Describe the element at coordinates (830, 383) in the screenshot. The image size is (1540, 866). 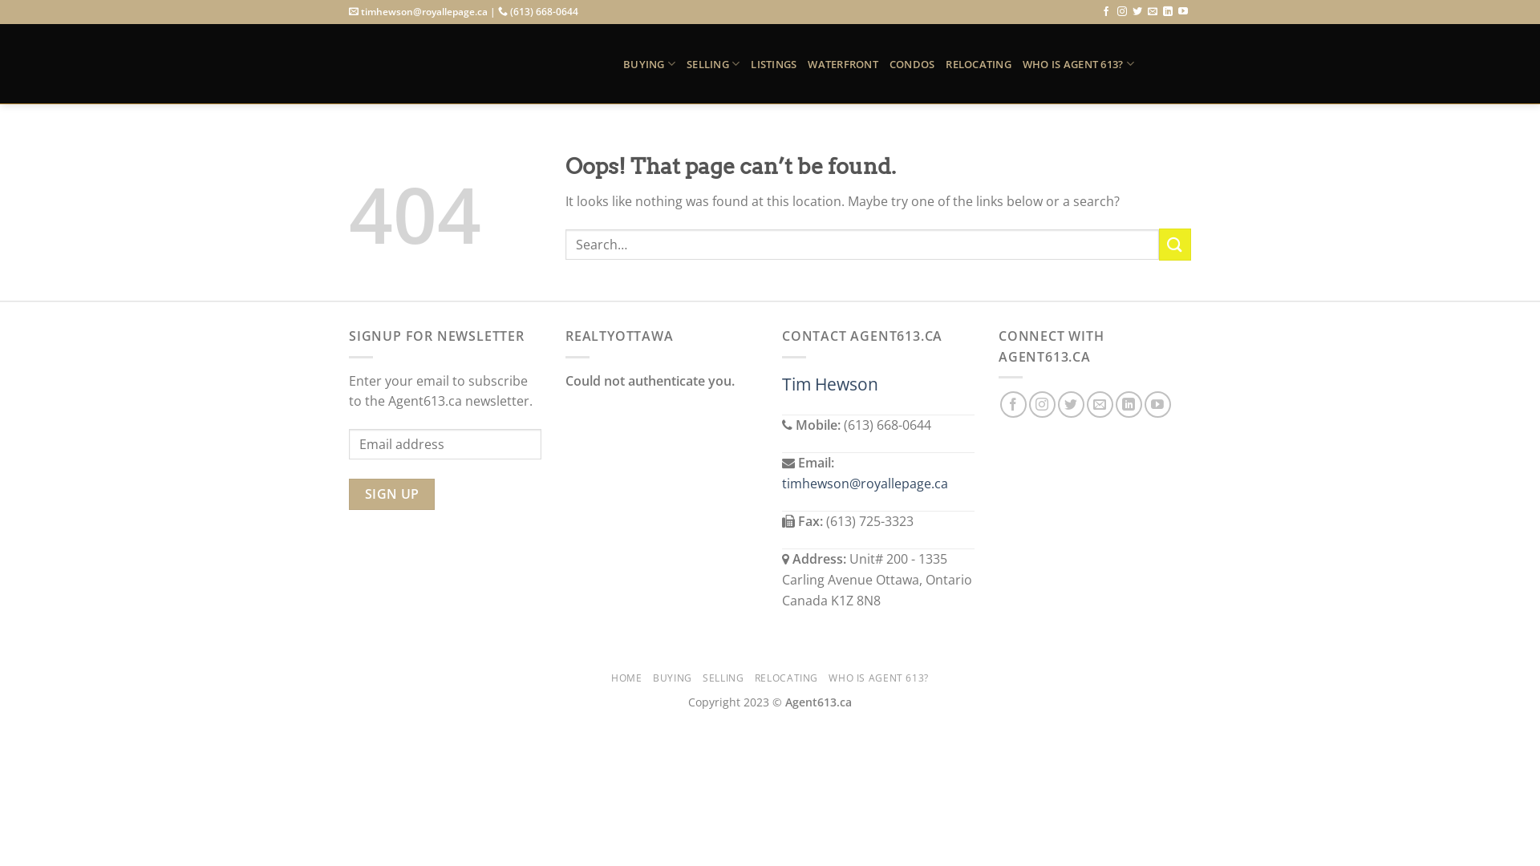
I see `'Tim Hewson'` at that location.